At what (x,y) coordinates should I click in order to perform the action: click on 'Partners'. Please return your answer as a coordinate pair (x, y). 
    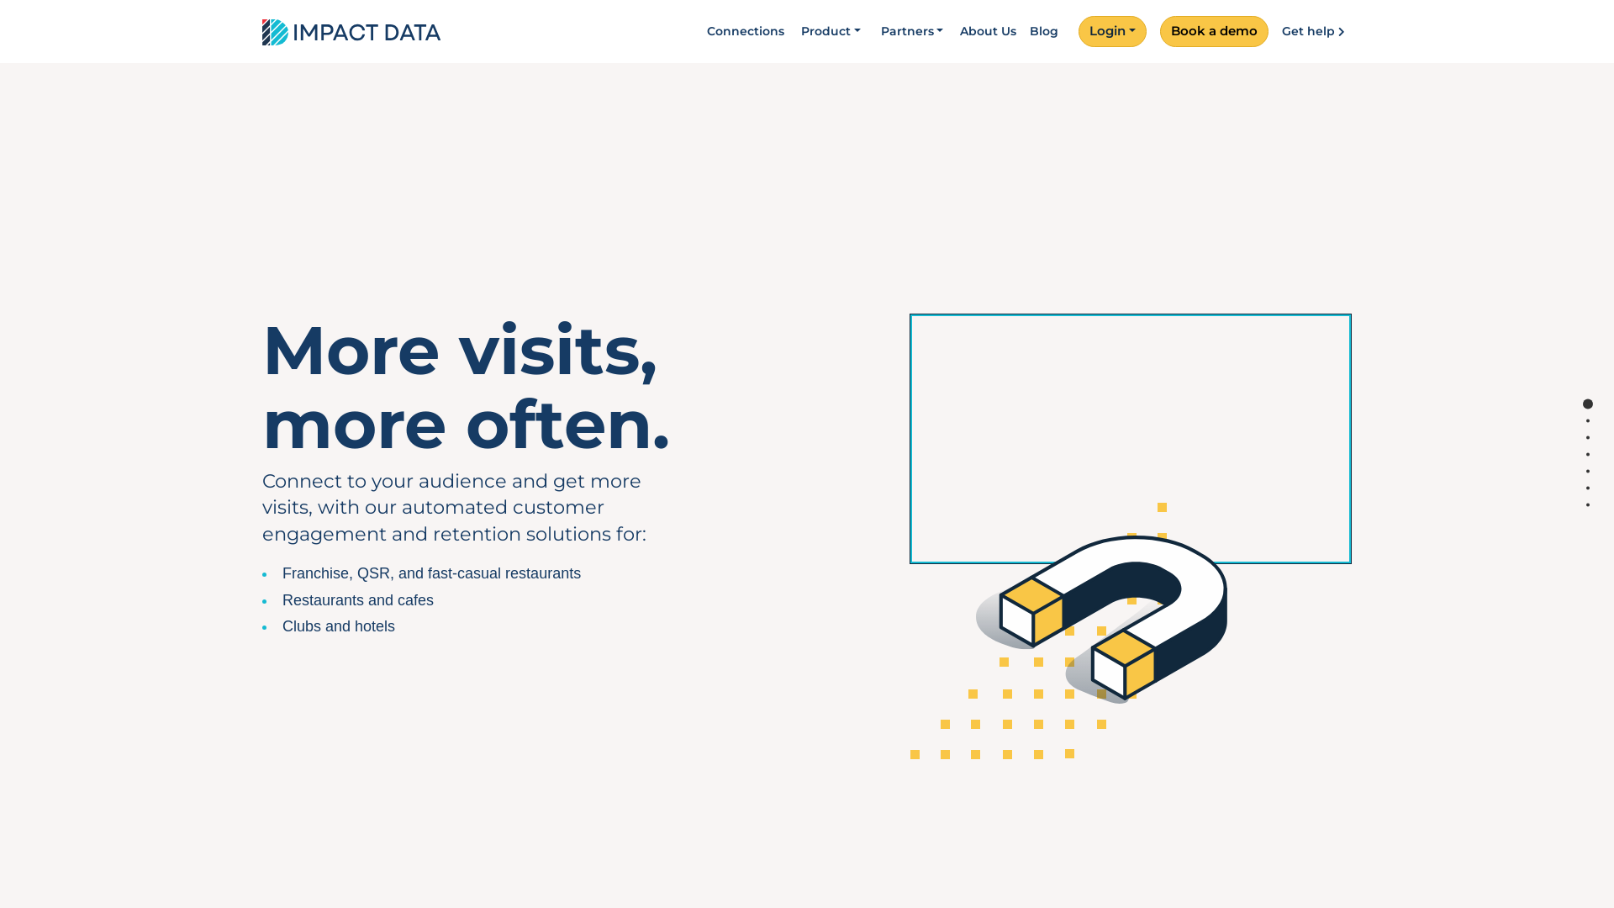
    Looking at the image, I should click on (911, 31).